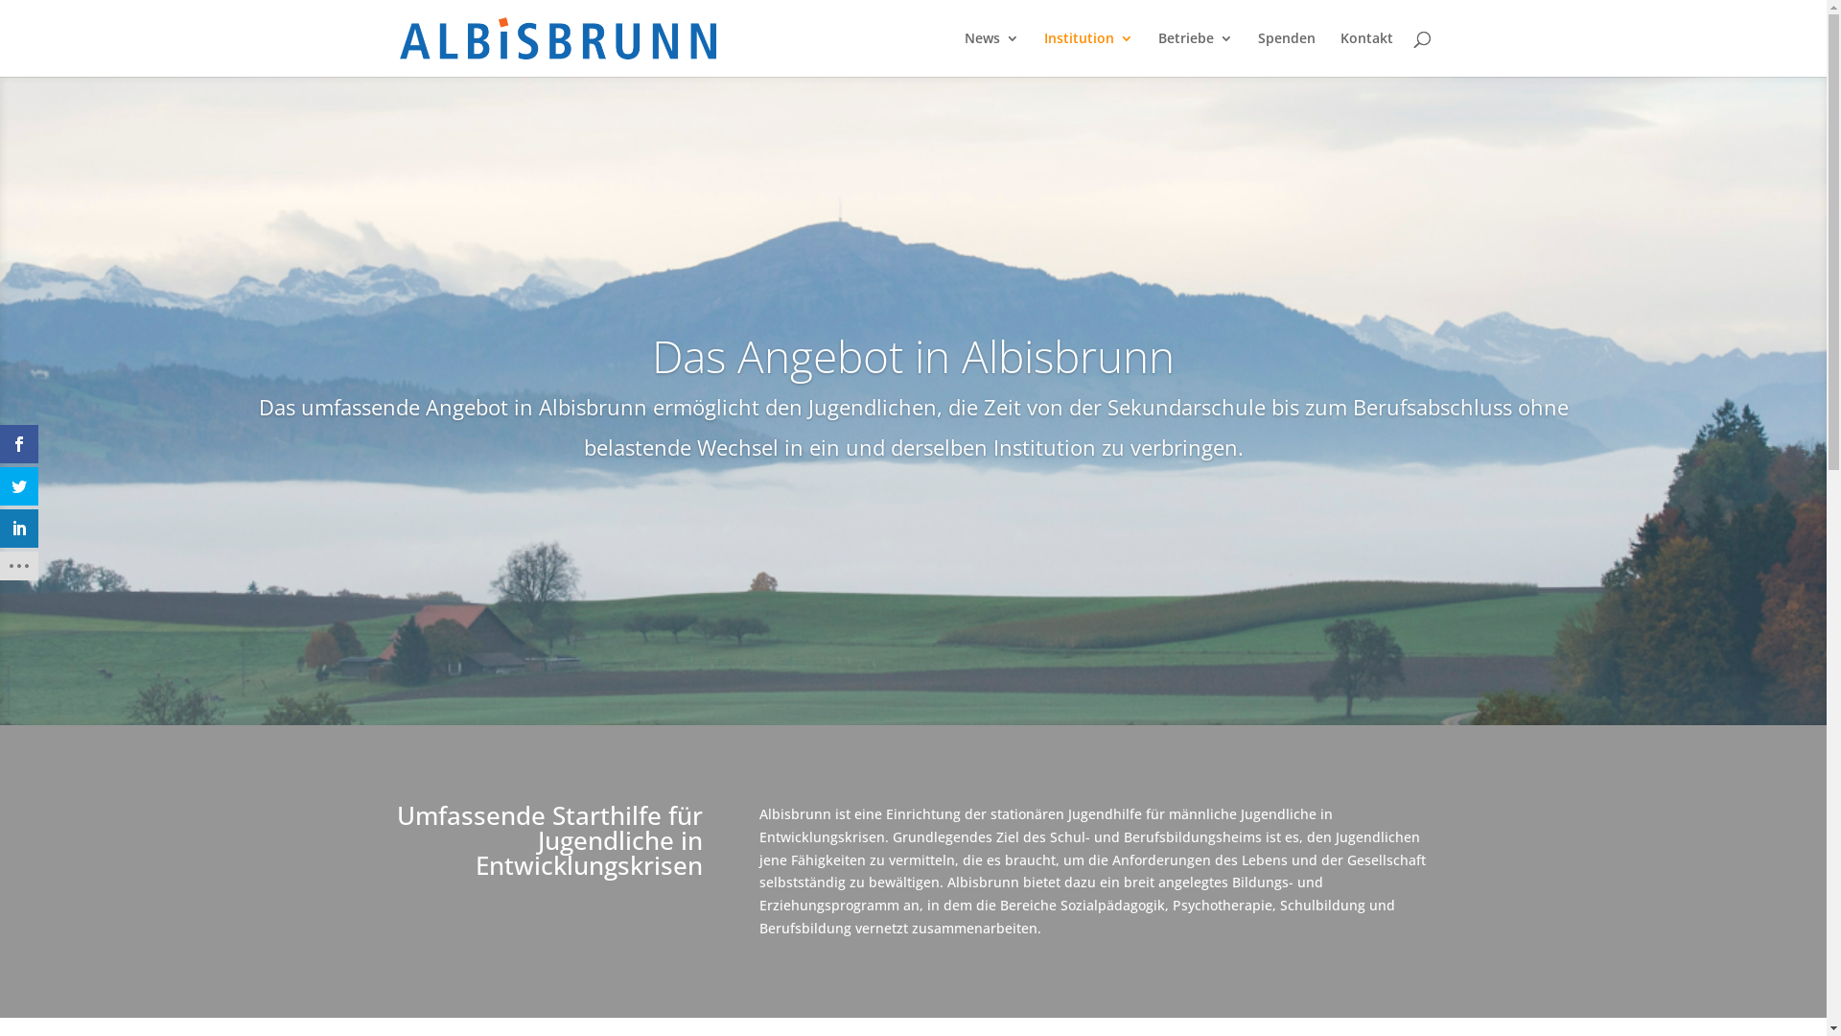  I want to click on 'Institution', so click(1087, 53).